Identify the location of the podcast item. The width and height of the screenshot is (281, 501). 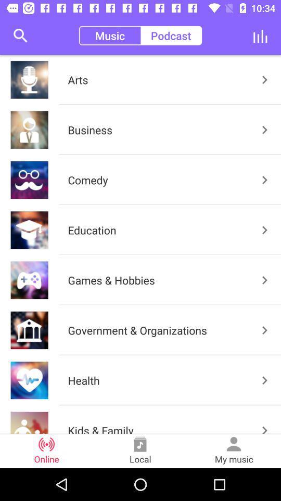
(171, 35).